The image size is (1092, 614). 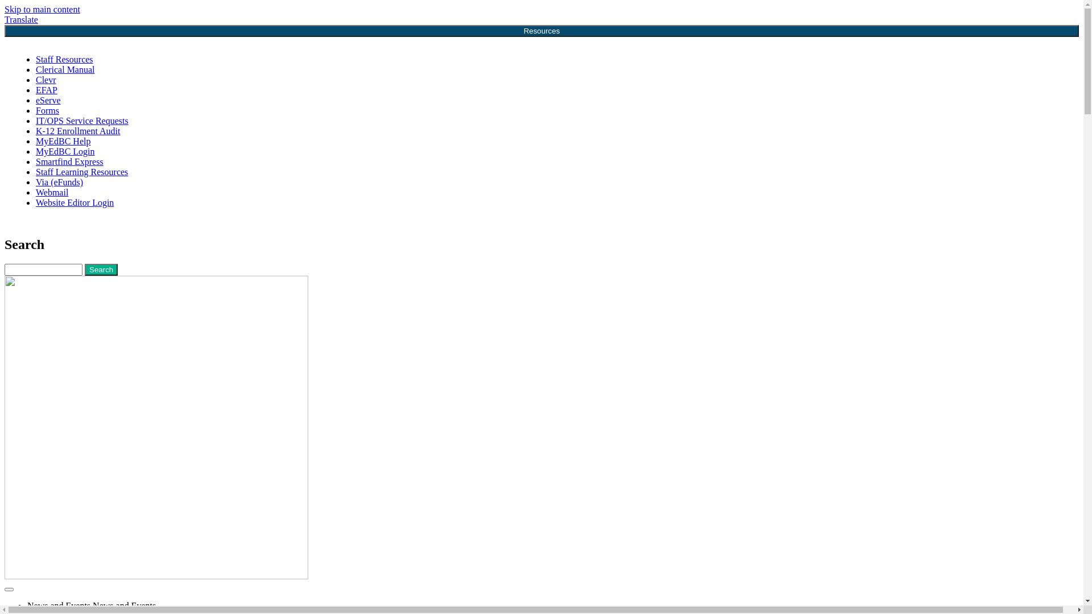 I want to click on 'Staff Resources', so click(x=64, y=59).